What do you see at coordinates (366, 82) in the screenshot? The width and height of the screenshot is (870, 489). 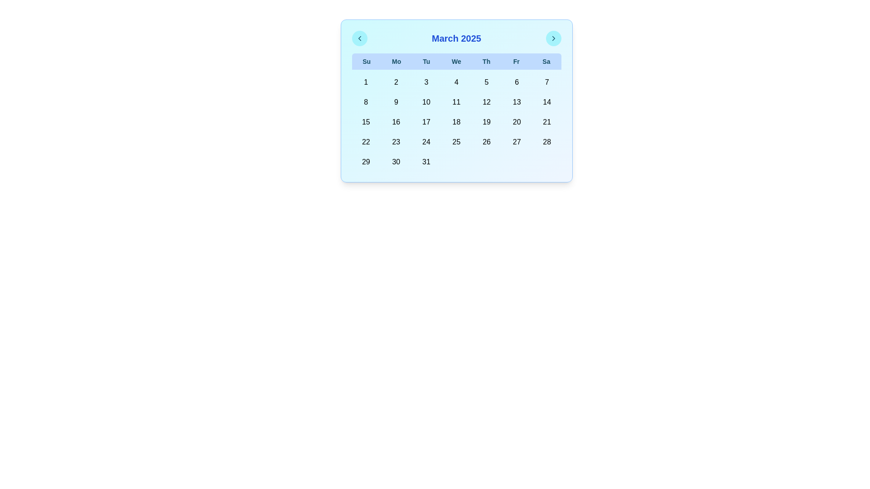 I see `the button labeled '1', which is styled with rounded edges and a light blue background` at bounding box center [366, 82].